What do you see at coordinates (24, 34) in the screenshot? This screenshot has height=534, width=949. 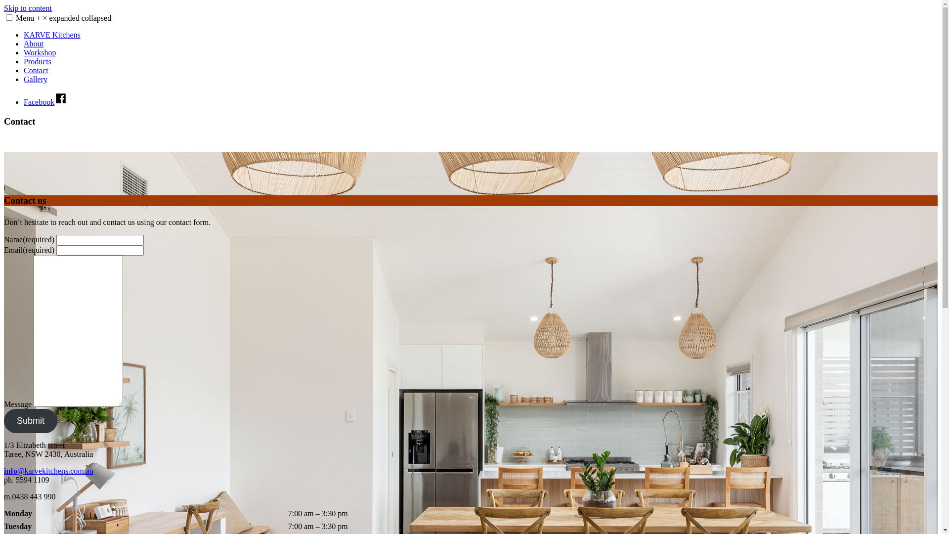 I see `'KARVE Kitchens'` at bounding box center [24, 34].